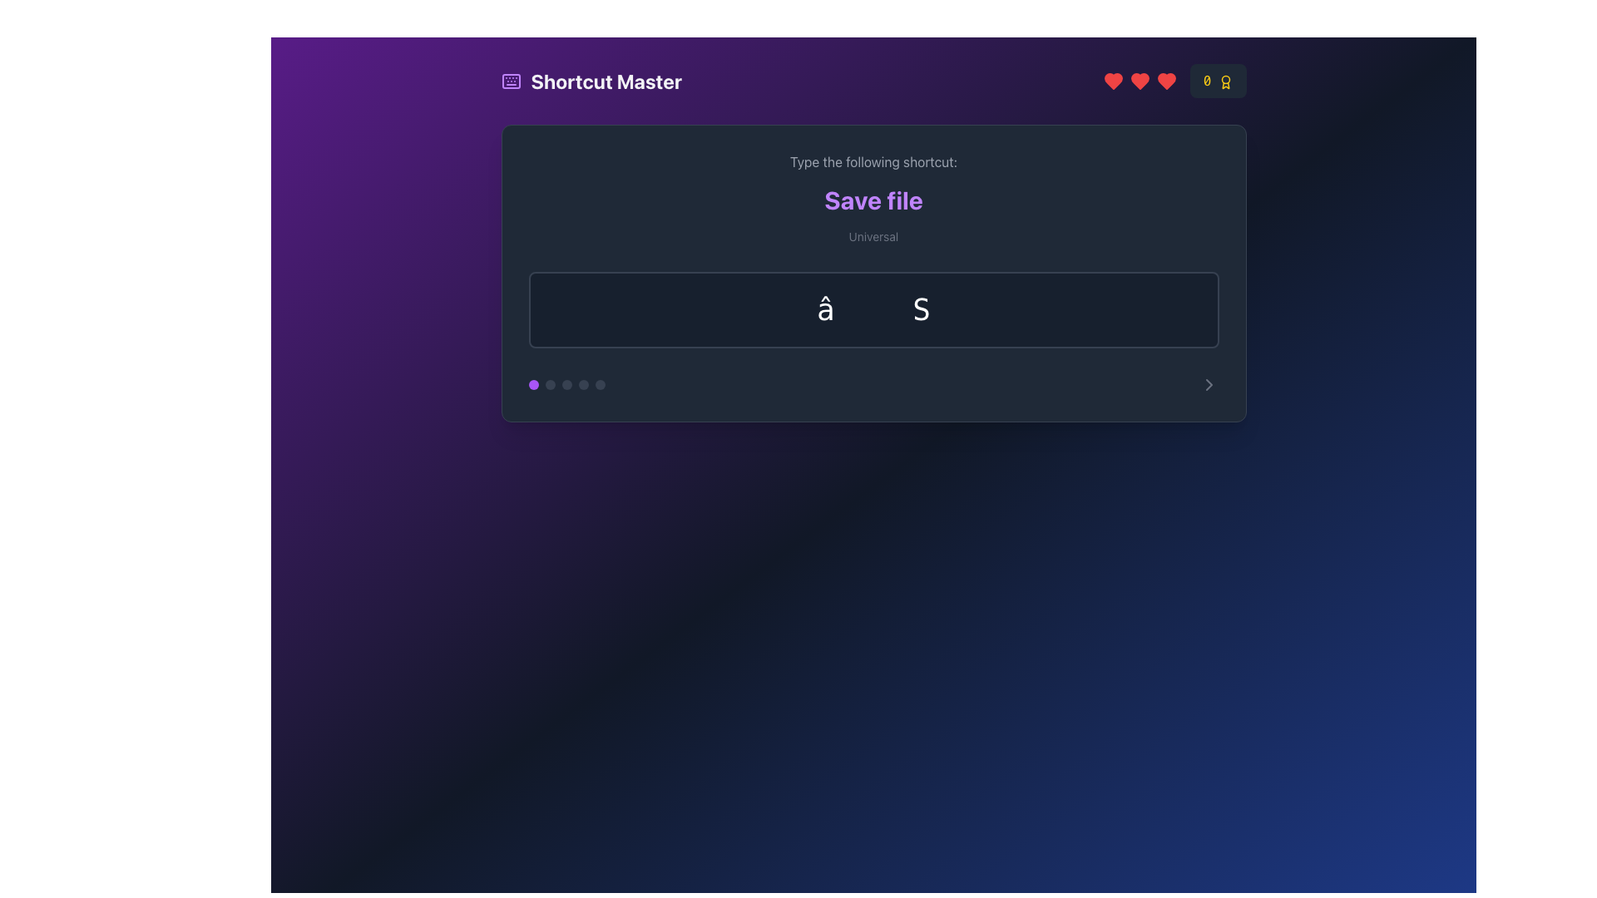  Describe the element at coordinates (1165, 81) in the screenshot. I see `the third heart icon in the top-right corner of the interface, which represents a life counter or feedback indicator` at that location.